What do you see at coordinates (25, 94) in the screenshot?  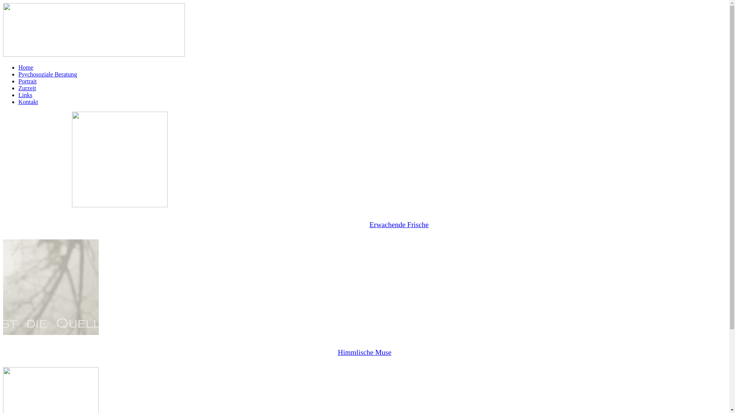 I see `'Links'` at bounding box center [25, 94].